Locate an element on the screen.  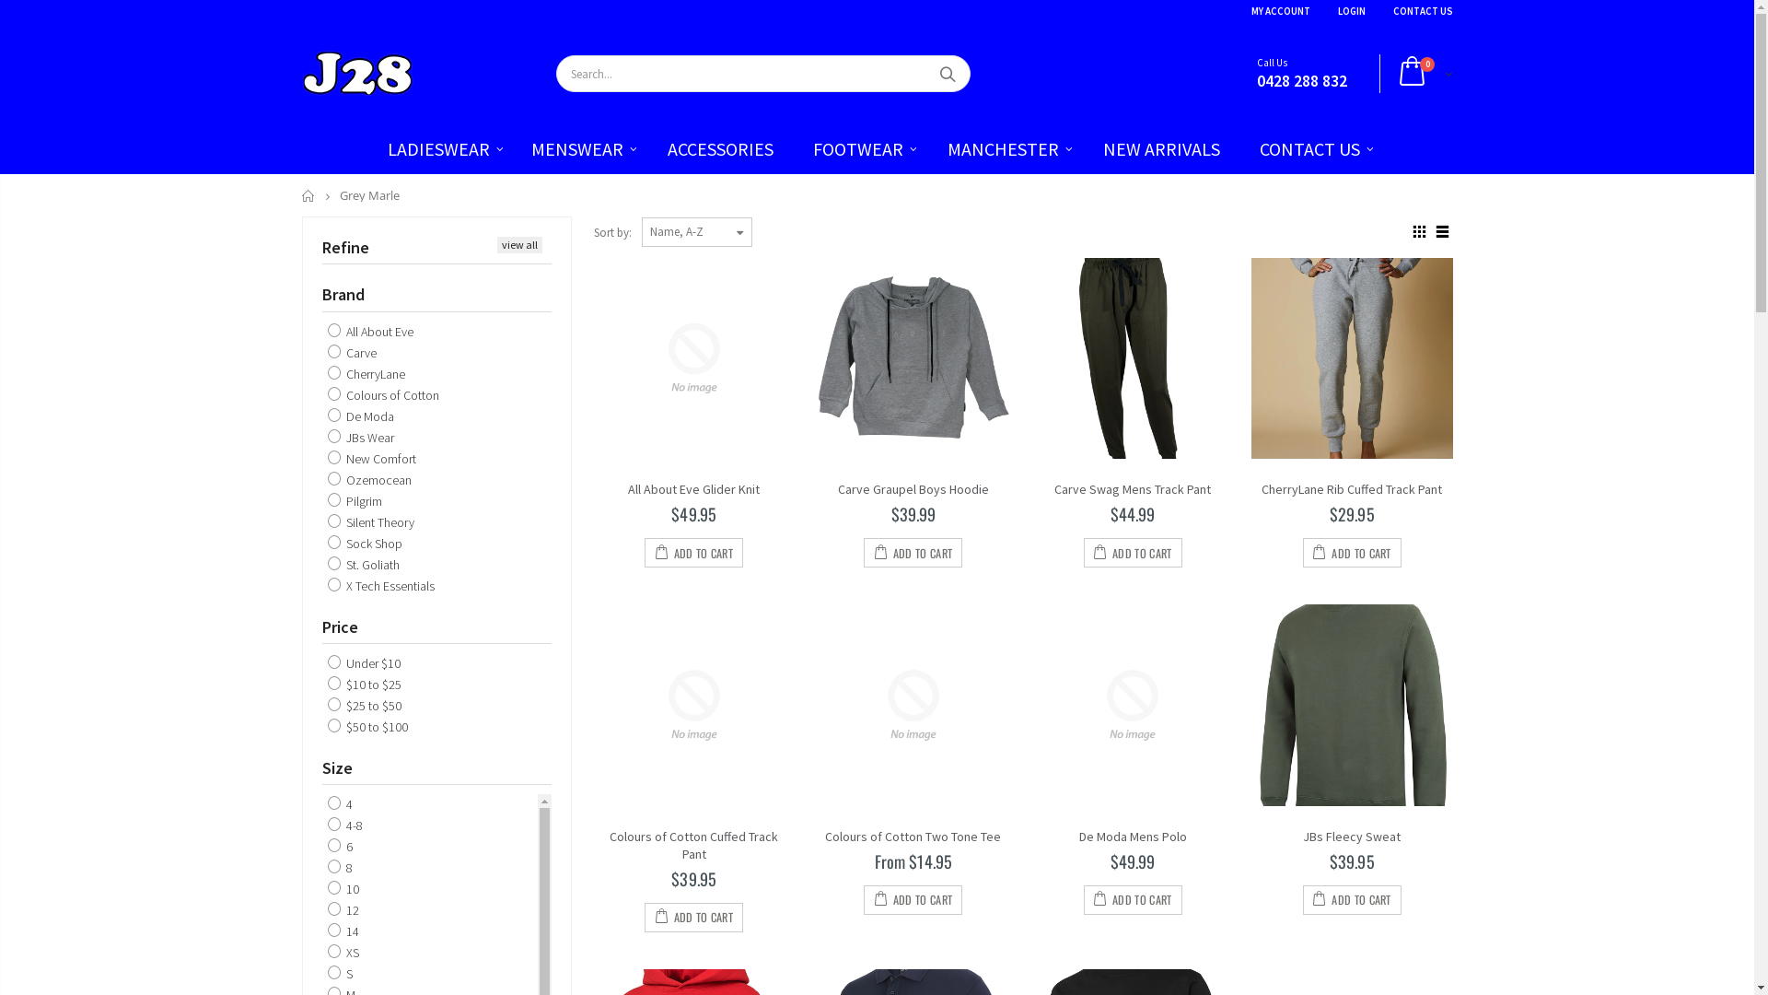
'6' is located at coordinates (340, 846).